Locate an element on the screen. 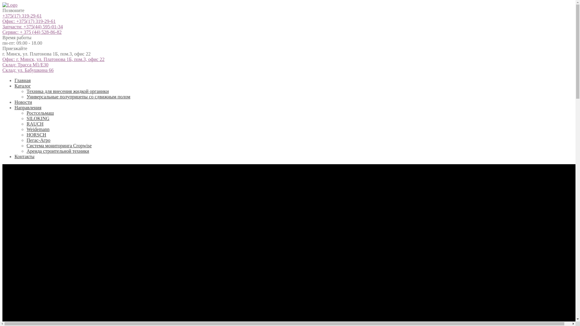 This screenshot has height=326, width=580. 'Weidemann' is located at coordinates (37, 129).